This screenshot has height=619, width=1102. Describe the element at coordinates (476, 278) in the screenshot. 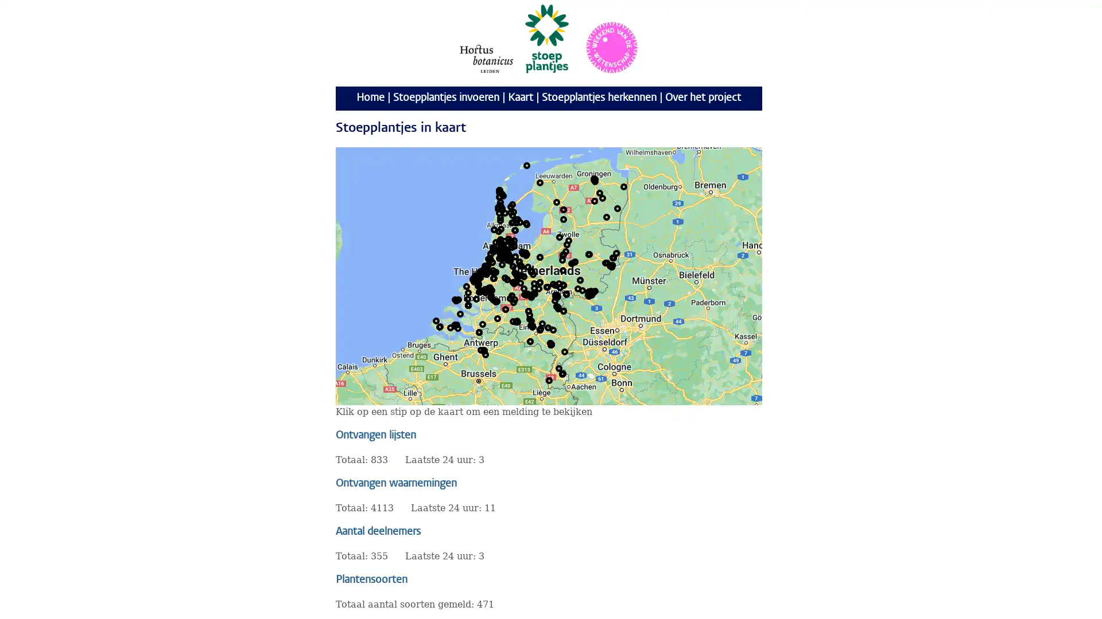

I see `Telling van op 22 januari 2022` at that location.